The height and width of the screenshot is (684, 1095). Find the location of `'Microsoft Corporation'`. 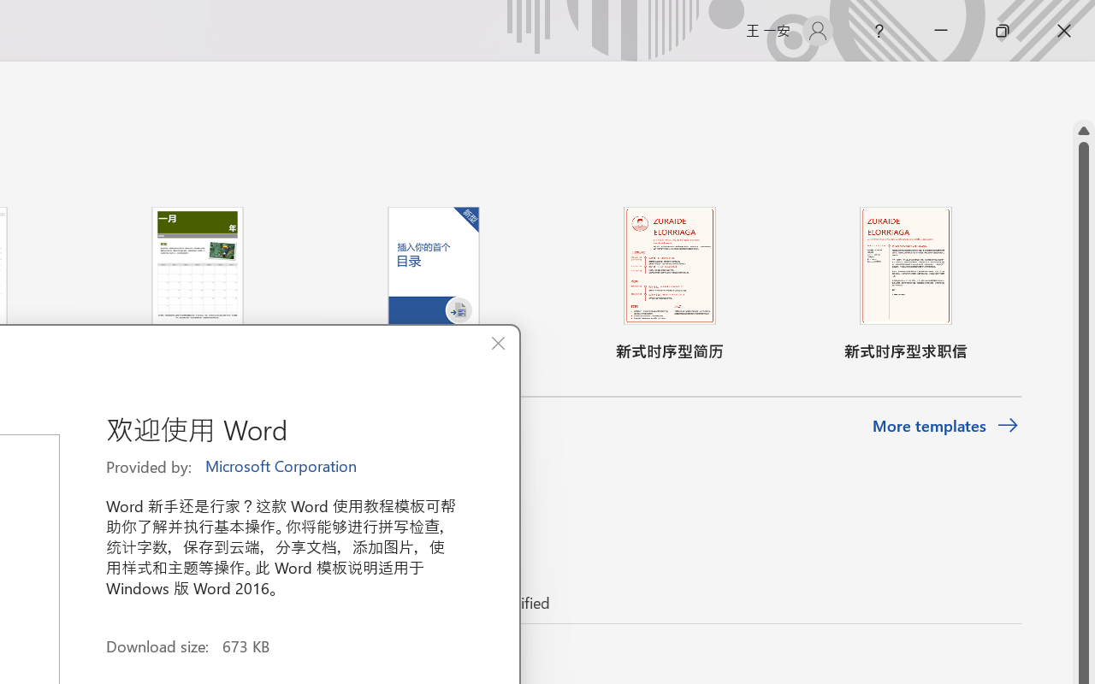

'Microsoft Corporation' is located at coordinates (282, 467).